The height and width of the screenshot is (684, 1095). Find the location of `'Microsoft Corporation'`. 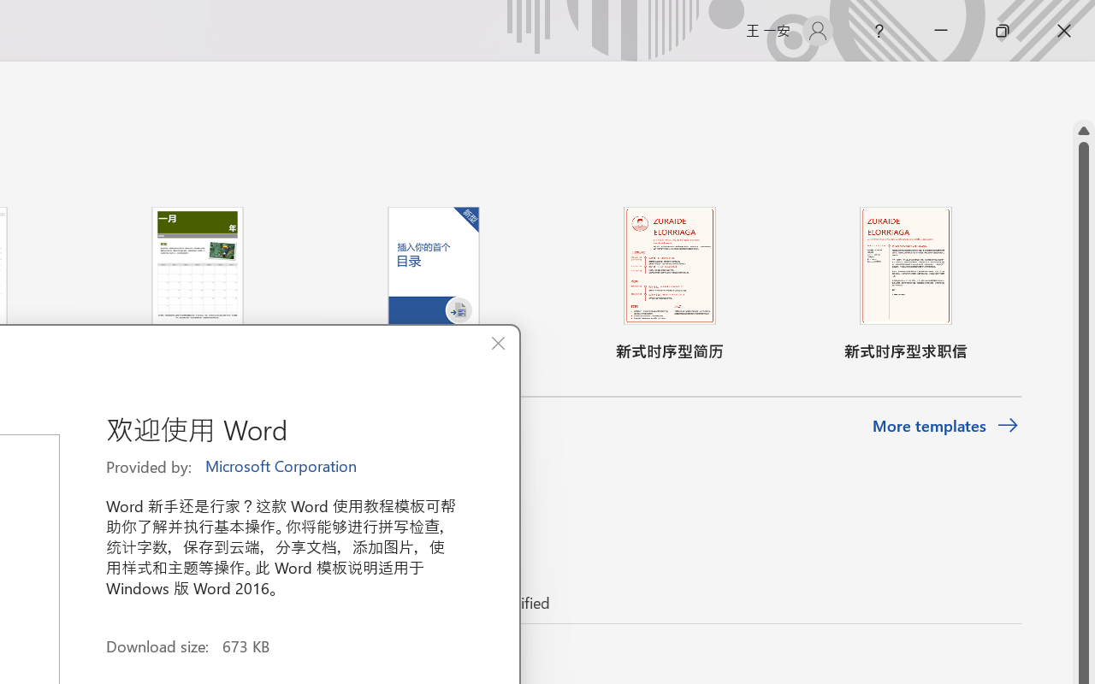

'Microsoft Corporation' is located at coordinates (282, 467).